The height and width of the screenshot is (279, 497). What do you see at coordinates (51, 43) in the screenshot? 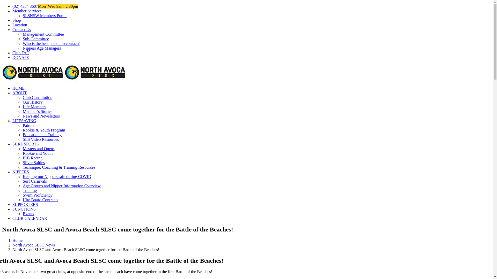
I see `'Who is the best person to contact?'` at bounding box center [51, 43].